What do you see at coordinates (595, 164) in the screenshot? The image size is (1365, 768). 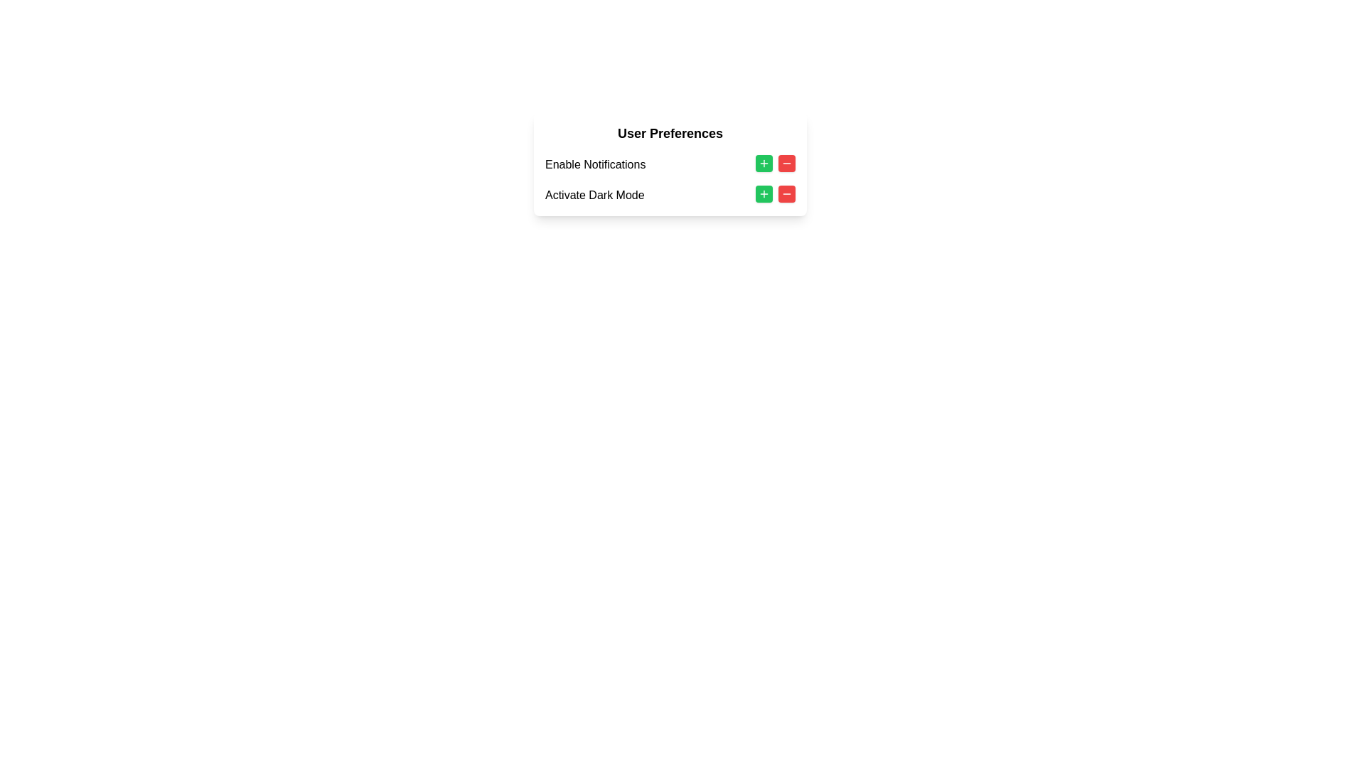 I see `label text indicating the purpose of the configuration for enabling notifications, located in the 'User Preferences' section, leftmost in the first row, aligned with the buttons '+' and '-'` at bounding box center [595, 164].